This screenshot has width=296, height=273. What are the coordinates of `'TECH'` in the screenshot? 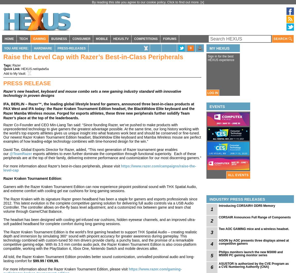 It's located at (23, 39).